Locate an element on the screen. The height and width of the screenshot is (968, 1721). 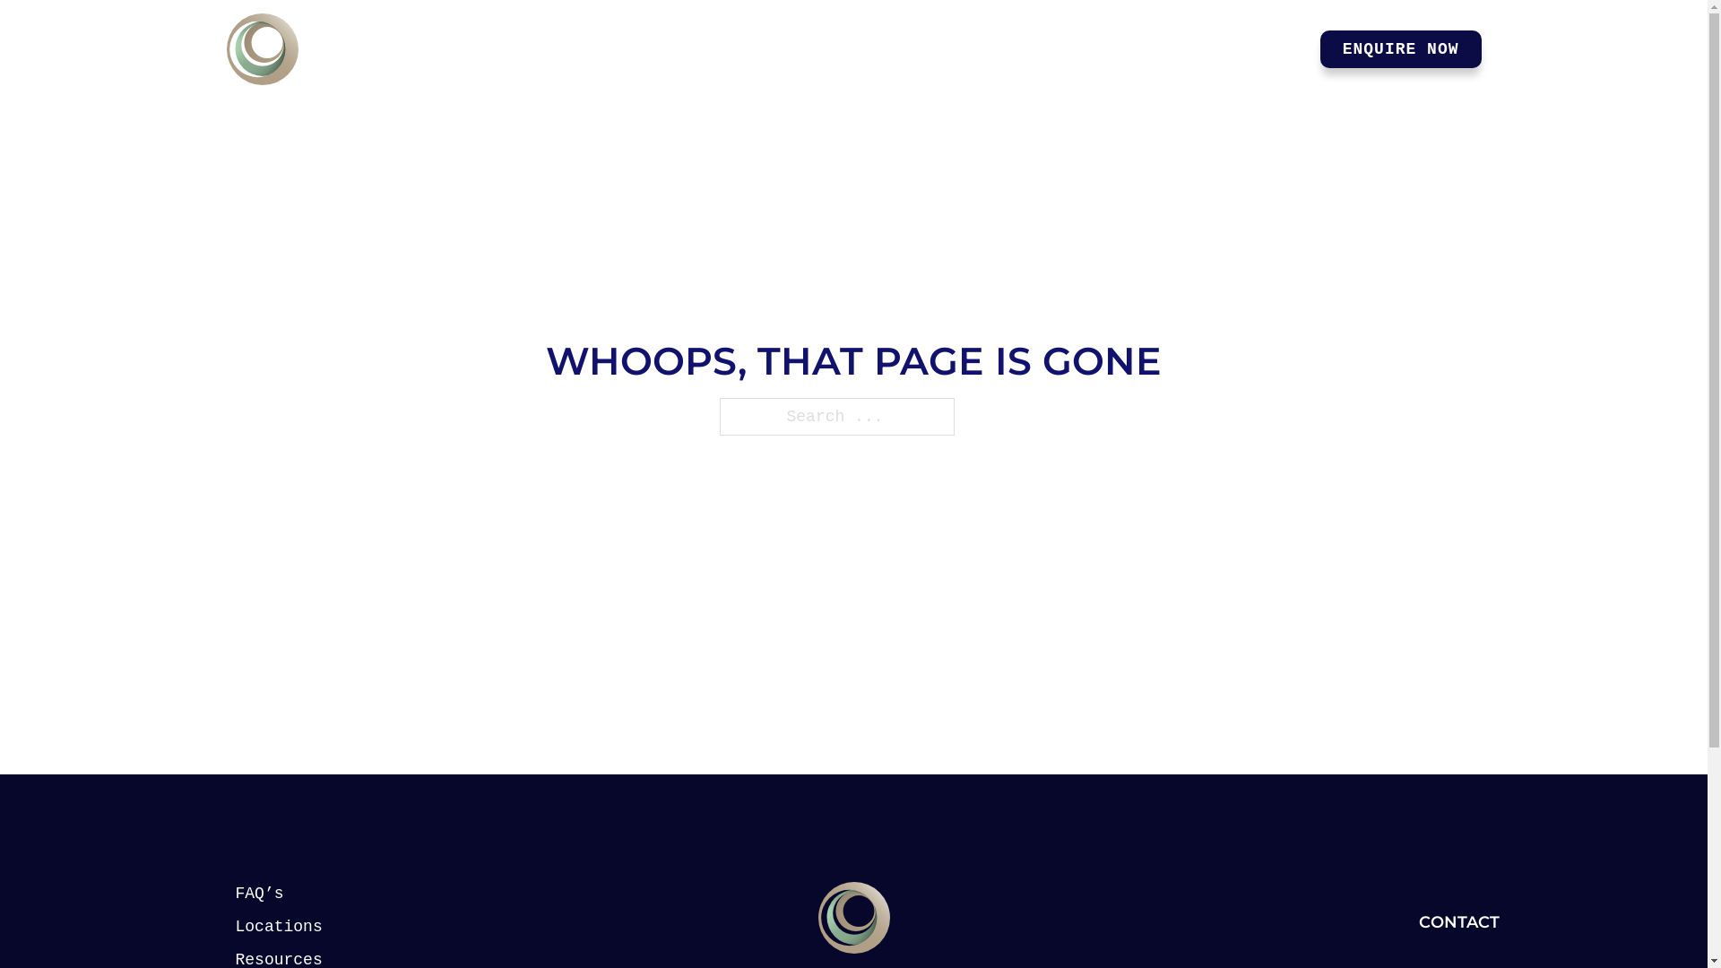
'PORTFOLIO' is located at coordinates (1096, 48).